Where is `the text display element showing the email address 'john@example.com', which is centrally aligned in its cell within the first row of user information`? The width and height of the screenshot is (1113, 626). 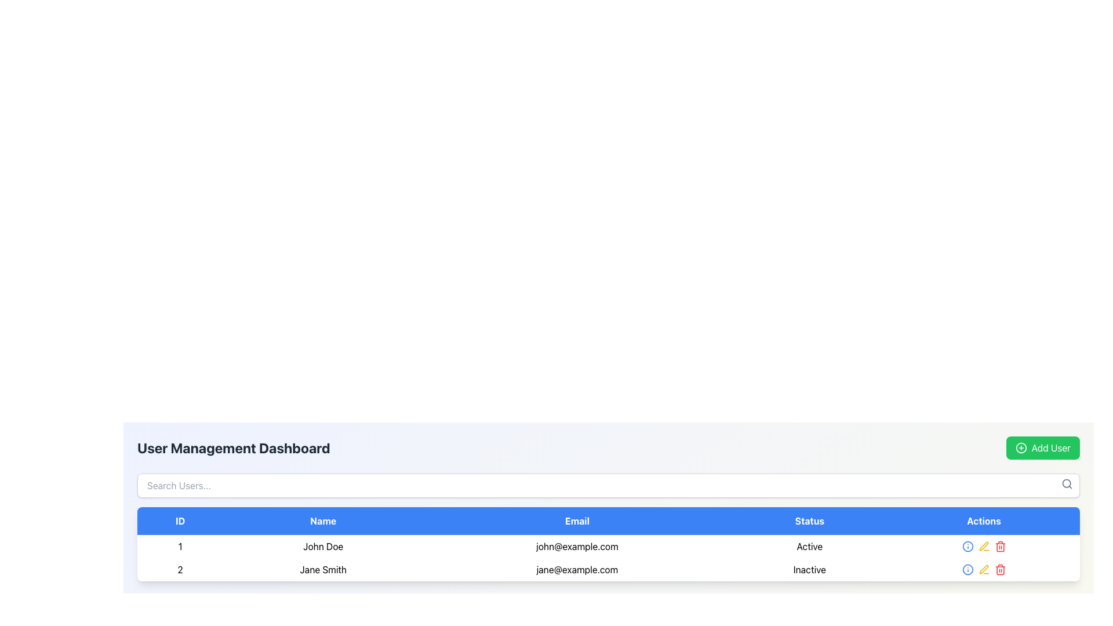 the text display element showing the email address 'john@example.com', which is centrally aligned in its cell within the first row of user information is located at coordinates (577, 546).